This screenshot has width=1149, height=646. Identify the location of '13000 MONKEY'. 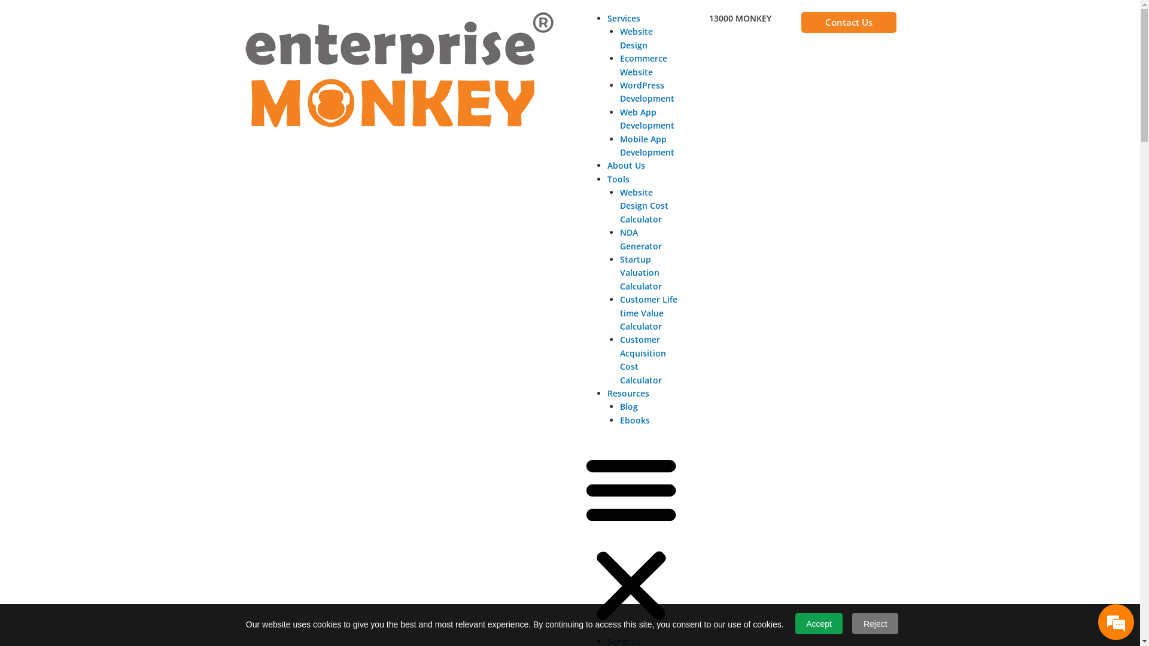
(740, 18).